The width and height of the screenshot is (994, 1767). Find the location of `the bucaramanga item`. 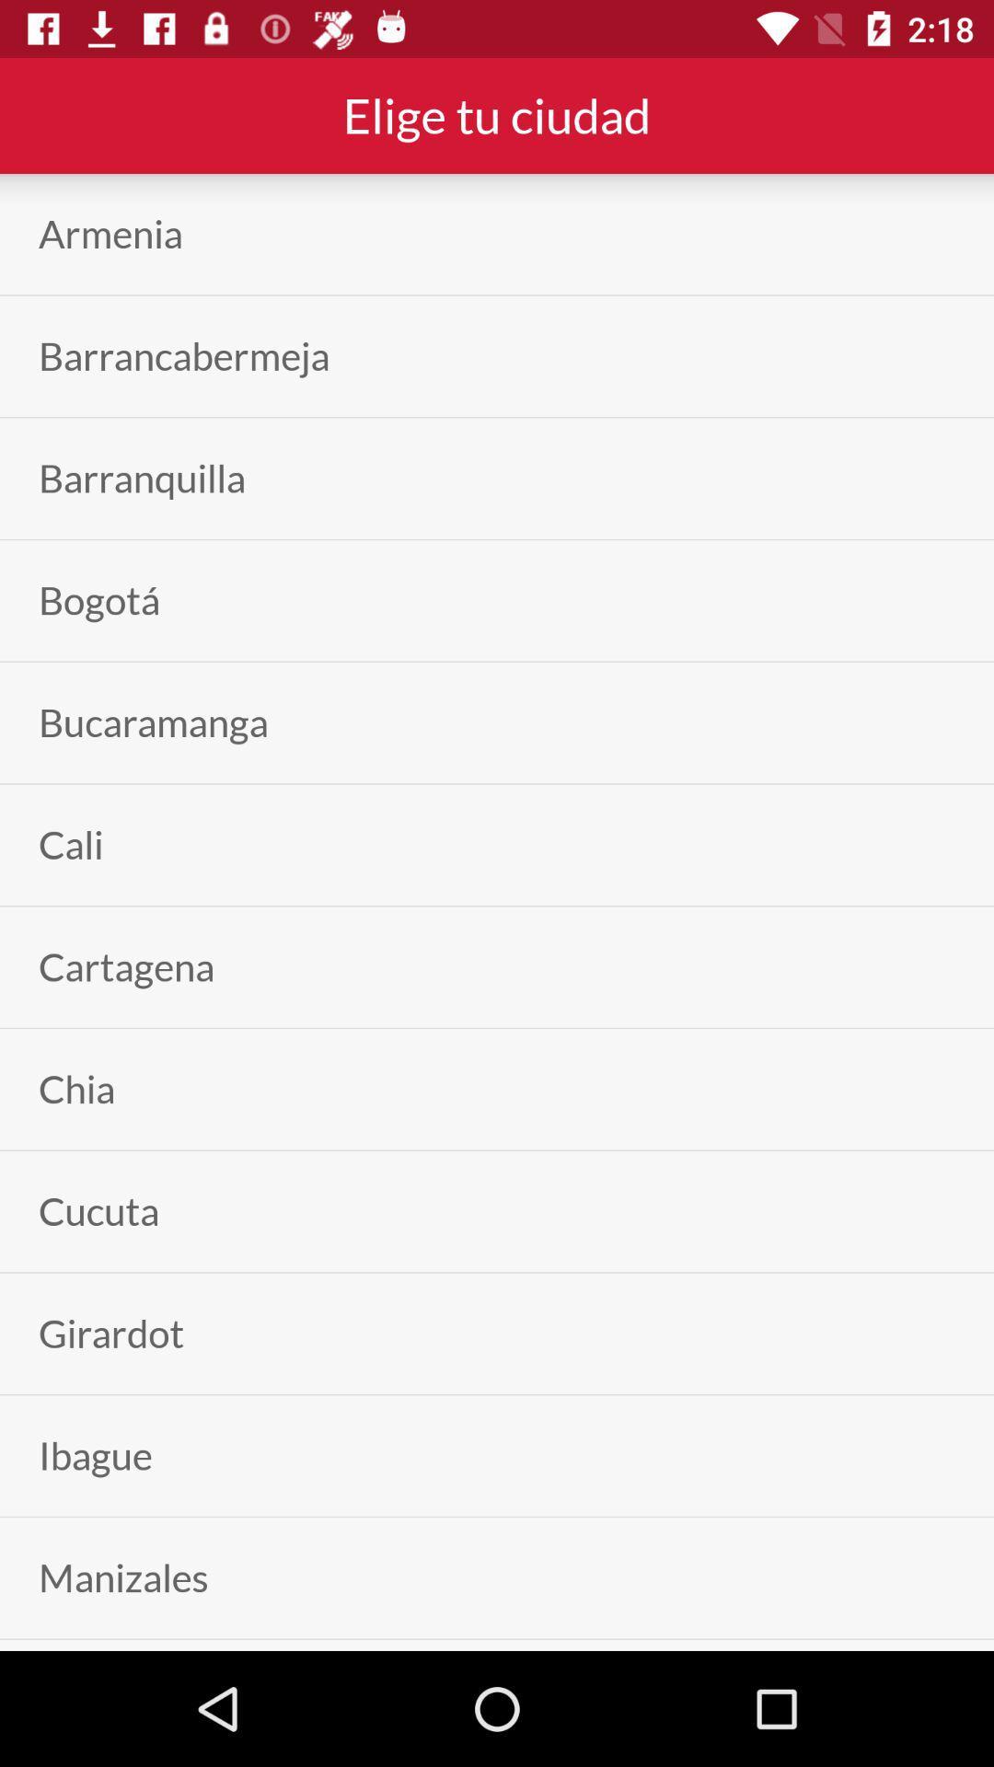

the bucaramanga item is located at coordinates (152, 722).